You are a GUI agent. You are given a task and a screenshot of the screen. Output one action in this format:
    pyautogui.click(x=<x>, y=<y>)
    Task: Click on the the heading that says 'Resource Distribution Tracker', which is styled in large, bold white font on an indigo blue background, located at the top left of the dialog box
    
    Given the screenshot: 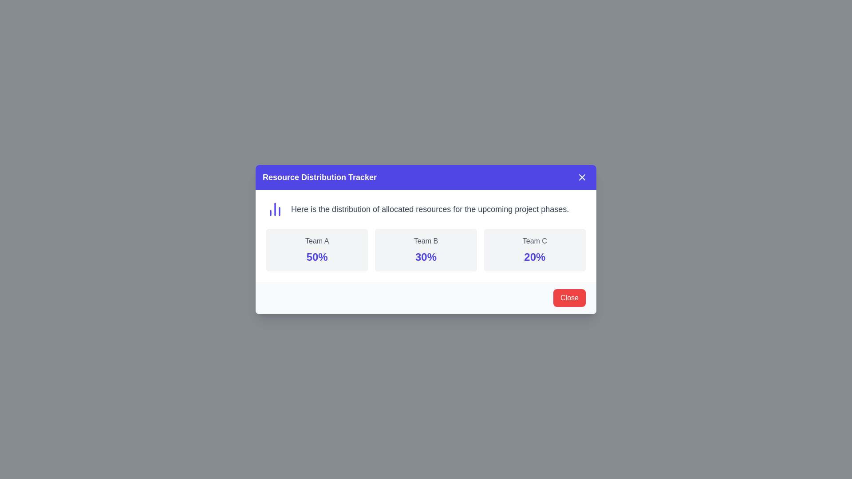 What is the action you would take?
    pyautogui.click(x=319, y=177)
    